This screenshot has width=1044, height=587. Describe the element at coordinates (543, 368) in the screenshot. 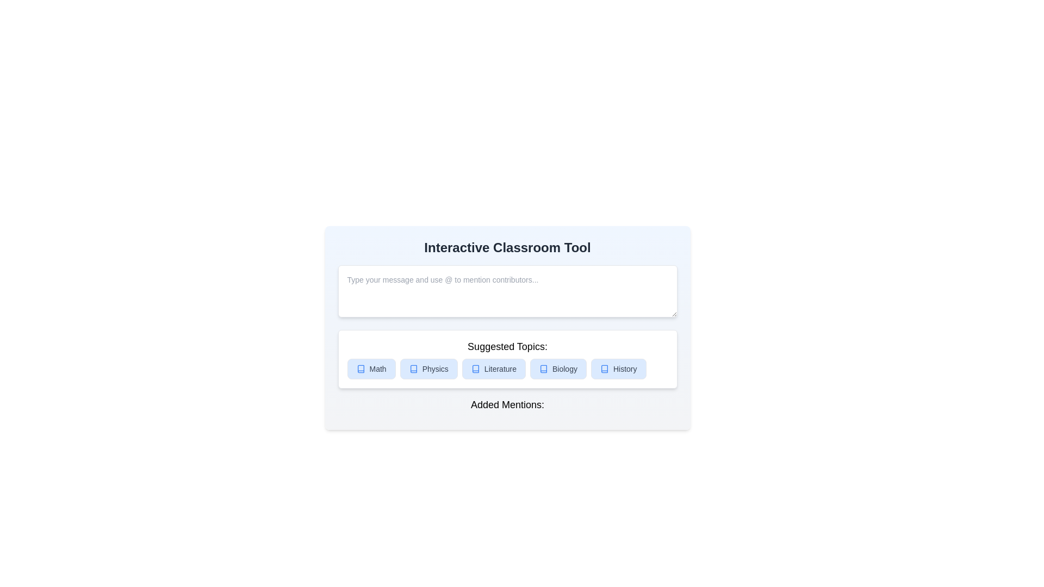

I see `the visual cue provided by the 'Biology' icon, which is represented by a blue book graphic located at the bottom section of the interface, aligned with the 'Suggested Topics' bar` at that location.